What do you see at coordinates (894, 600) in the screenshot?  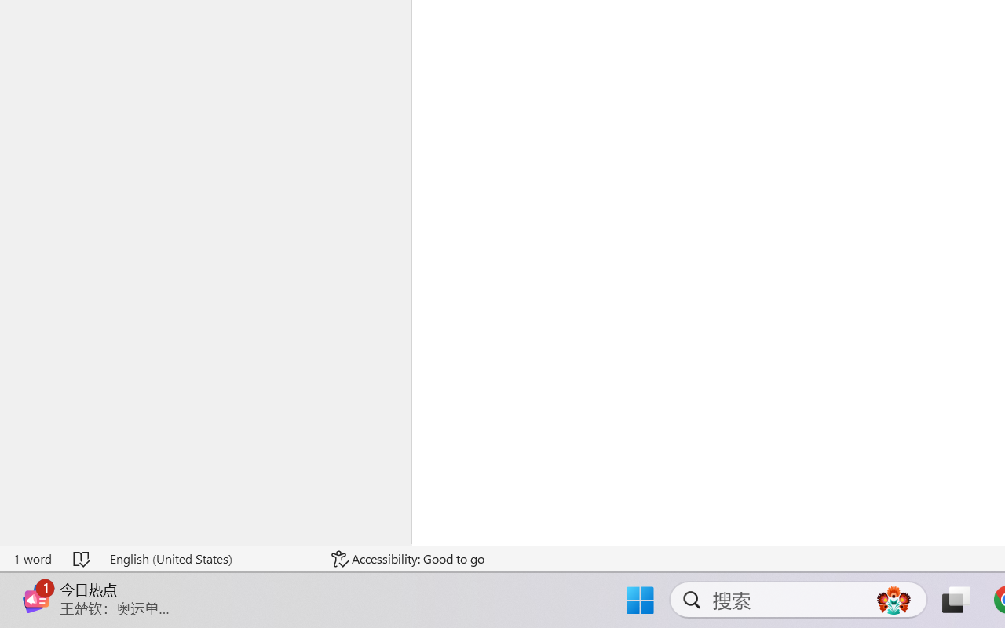 I see `'AutomationID: DynamicSearchBoxGleamImage'` at bounding box center [894, 600].